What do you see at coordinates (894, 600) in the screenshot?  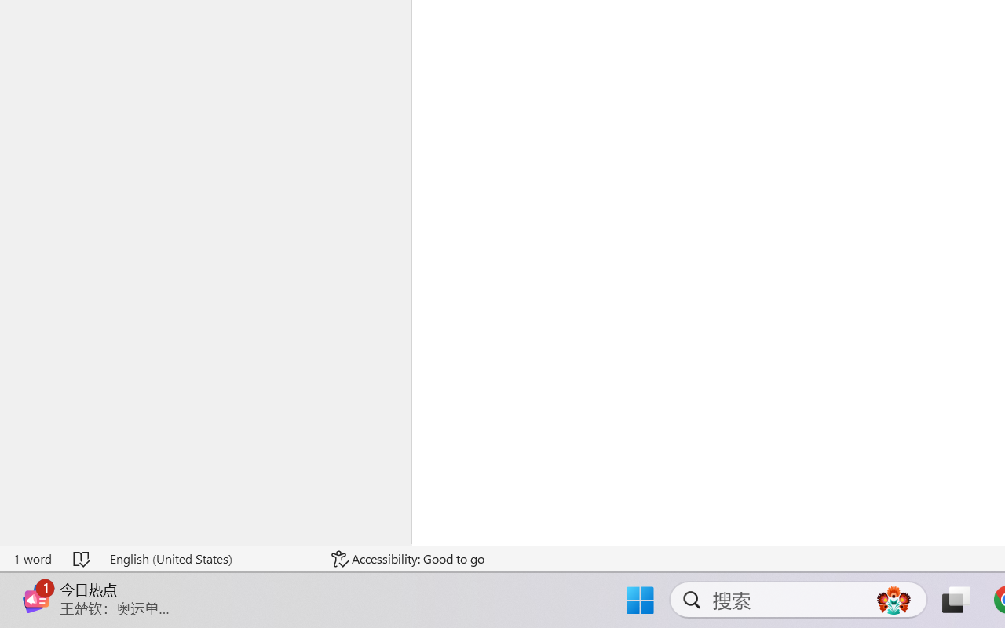 I see `'AutomationID: DynamicSearchBoxGleamImage'` at bounding box center [894, 600].